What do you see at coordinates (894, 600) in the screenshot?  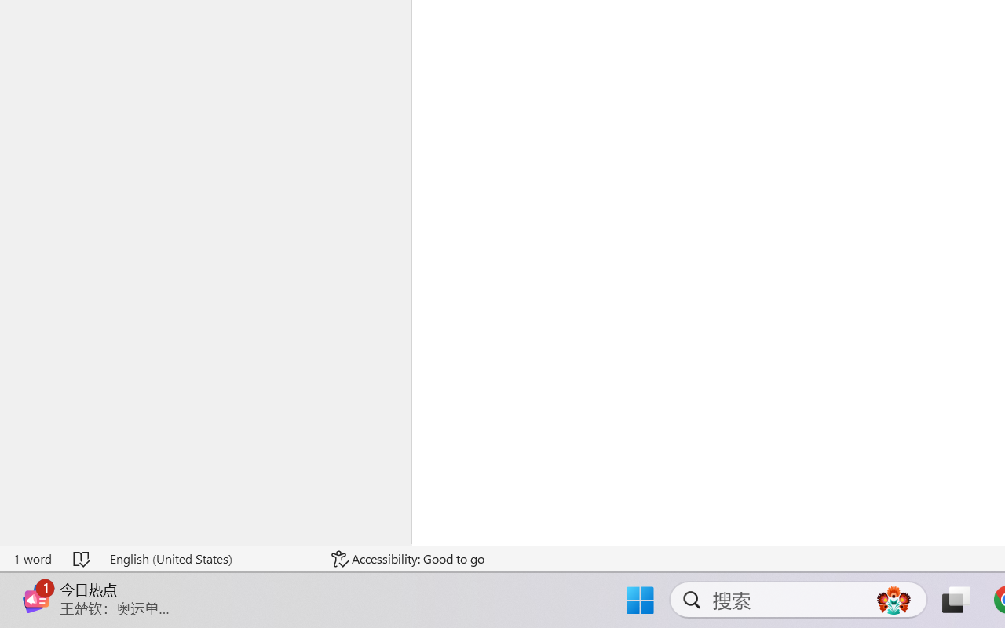 I see `'AutomationID: DynamicSearchBoxGleamImage'` at bounding box center [894, 600].